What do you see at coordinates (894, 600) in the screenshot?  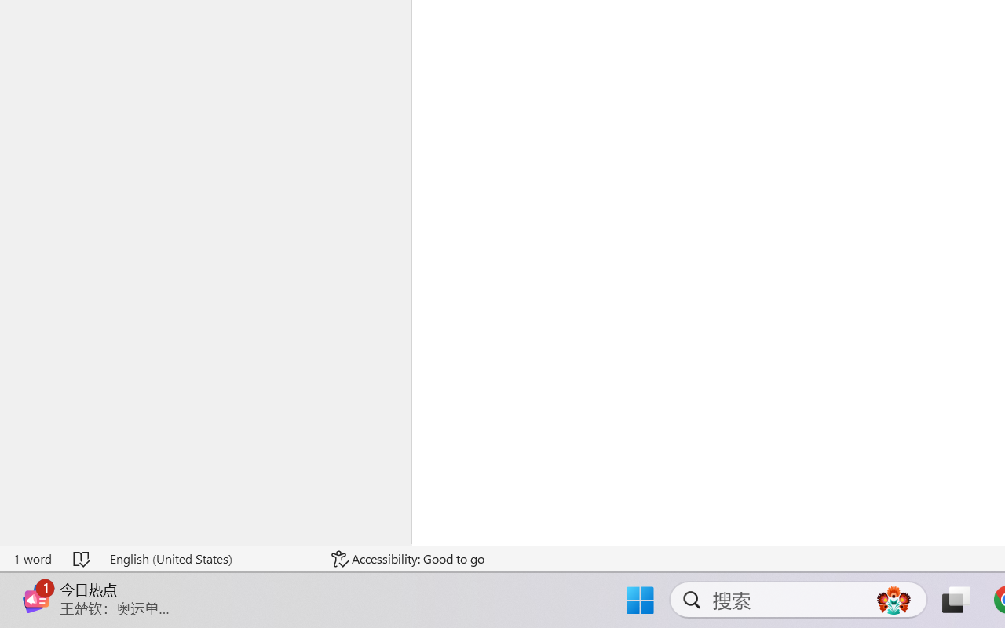 I see `'AutomationID: DynamicSearchBoxGleamImage'` at bounding box center [894, 600].